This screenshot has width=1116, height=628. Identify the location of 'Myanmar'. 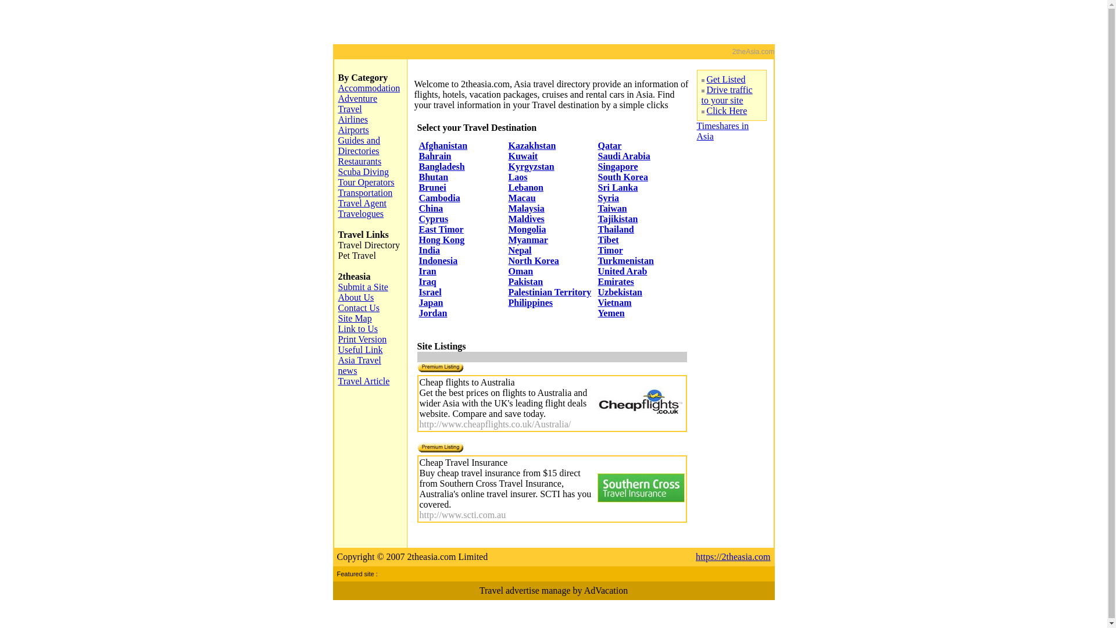
(507, 239).